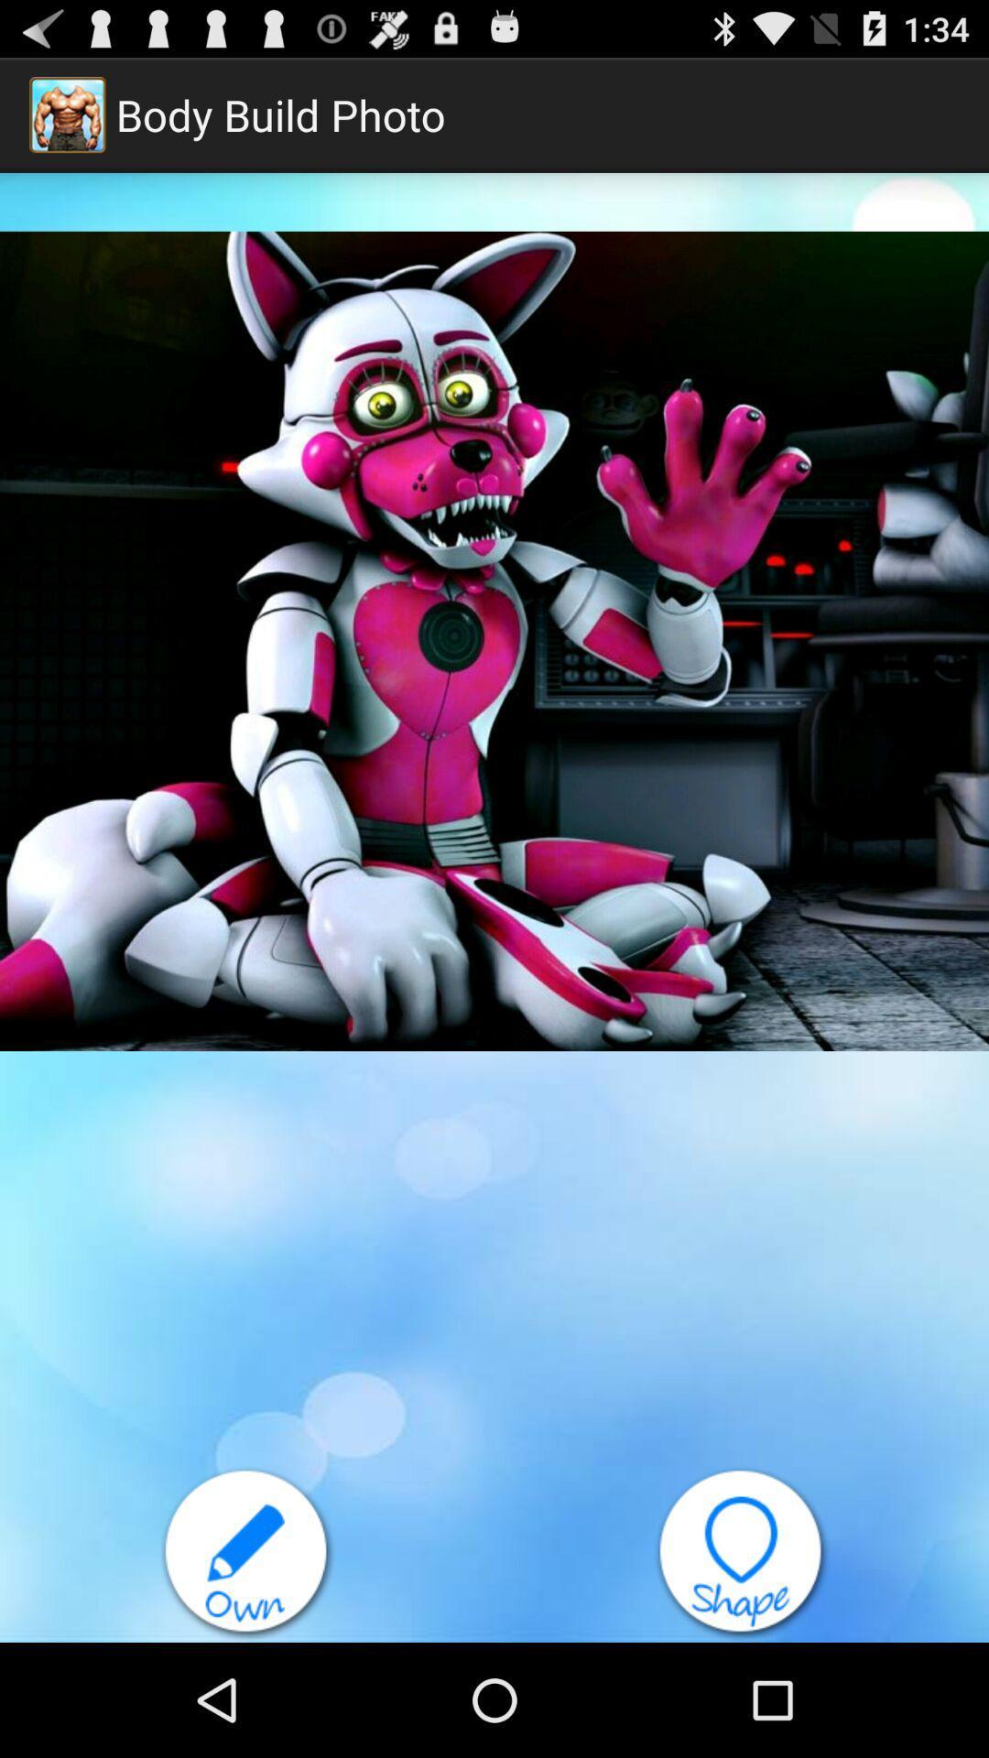 The height and width of the screenshot is (1758, 989). I want to click on markup the image, so click(247, 1553).